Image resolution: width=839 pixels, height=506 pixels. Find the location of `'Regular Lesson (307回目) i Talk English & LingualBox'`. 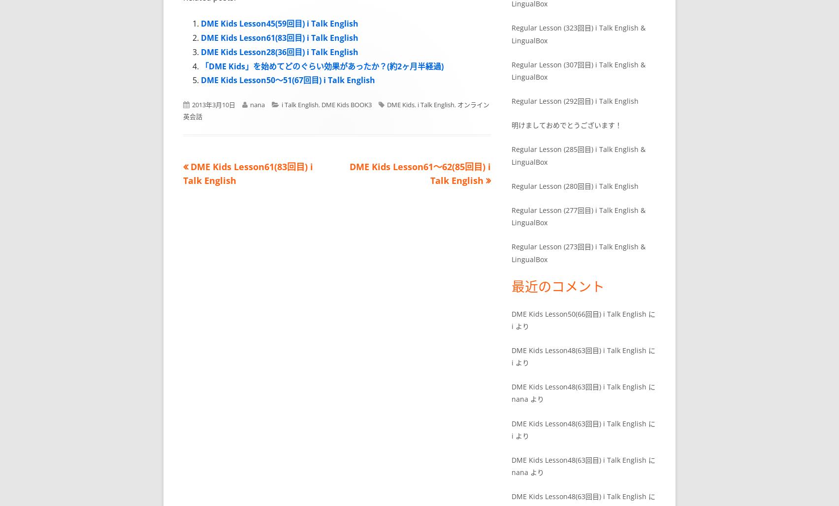

'Regular Lesson (307回目) i Talk English & LingualBox' is located at coordinates (578, 70).